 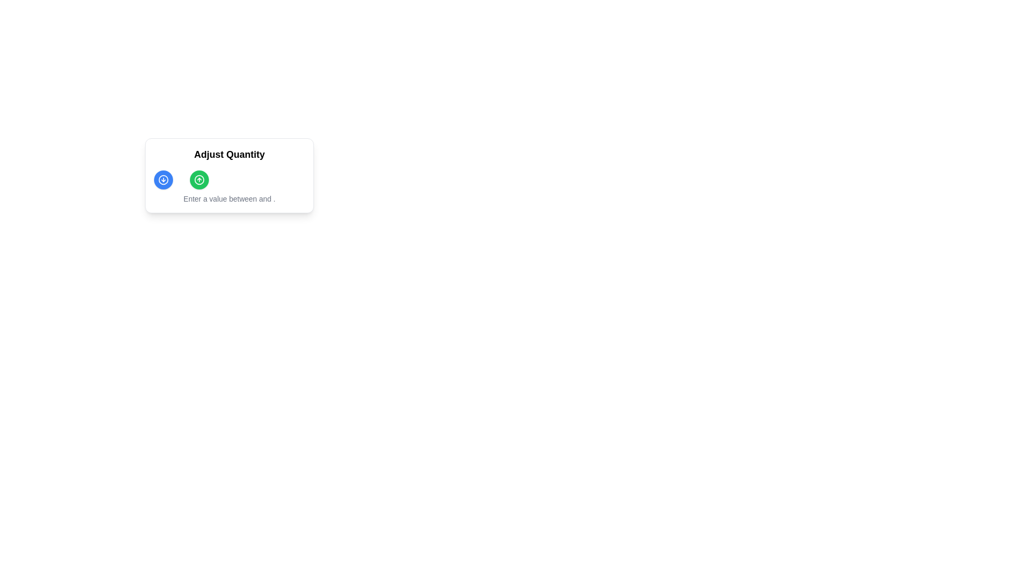 What do you see at coordinates (163, 179) in the screenshot?
I see `the leftmost circular button with a blue background and a white downward arrow icon` at bounding box center [163, 179].